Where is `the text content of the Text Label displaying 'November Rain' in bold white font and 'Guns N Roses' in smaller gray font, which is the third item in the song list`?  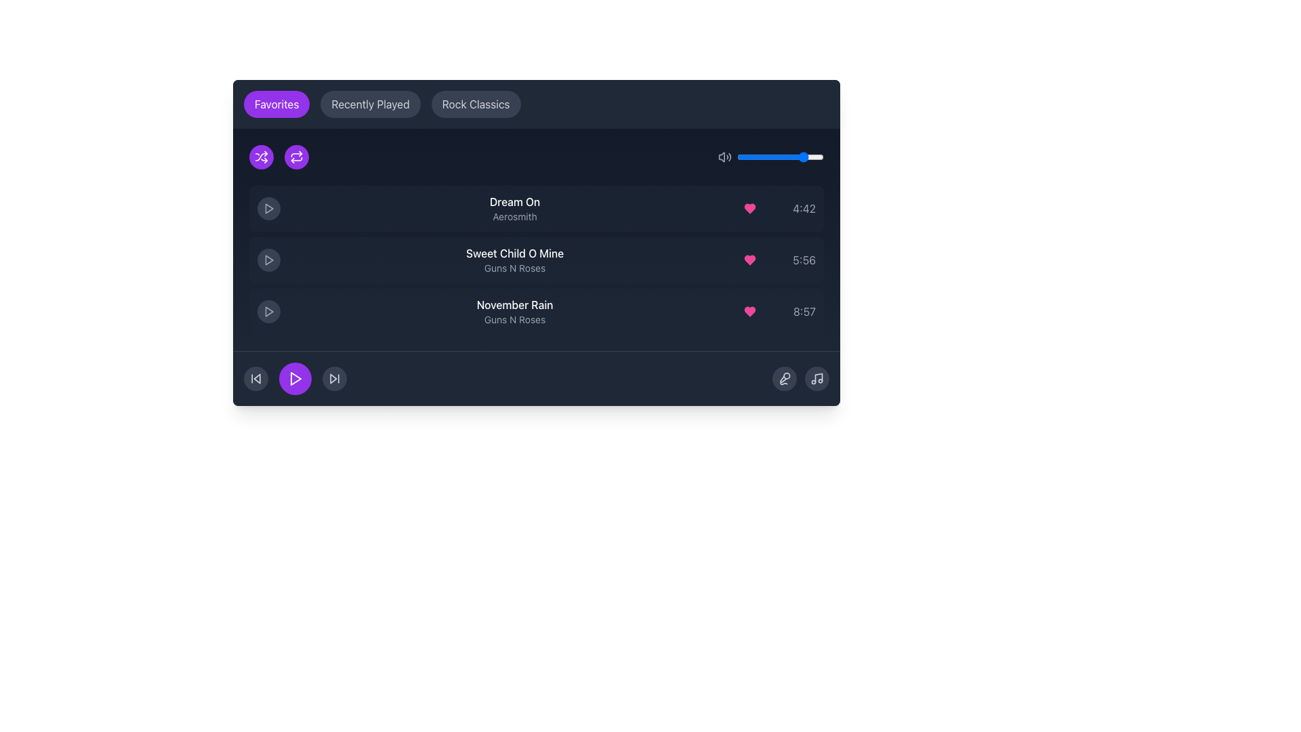 the text content of the Text Label displaying 'November Rain' in bold white font and 'Guns N Roses' in smaller gray font, which is the third item in the song list is located at coordinates (514, 311).